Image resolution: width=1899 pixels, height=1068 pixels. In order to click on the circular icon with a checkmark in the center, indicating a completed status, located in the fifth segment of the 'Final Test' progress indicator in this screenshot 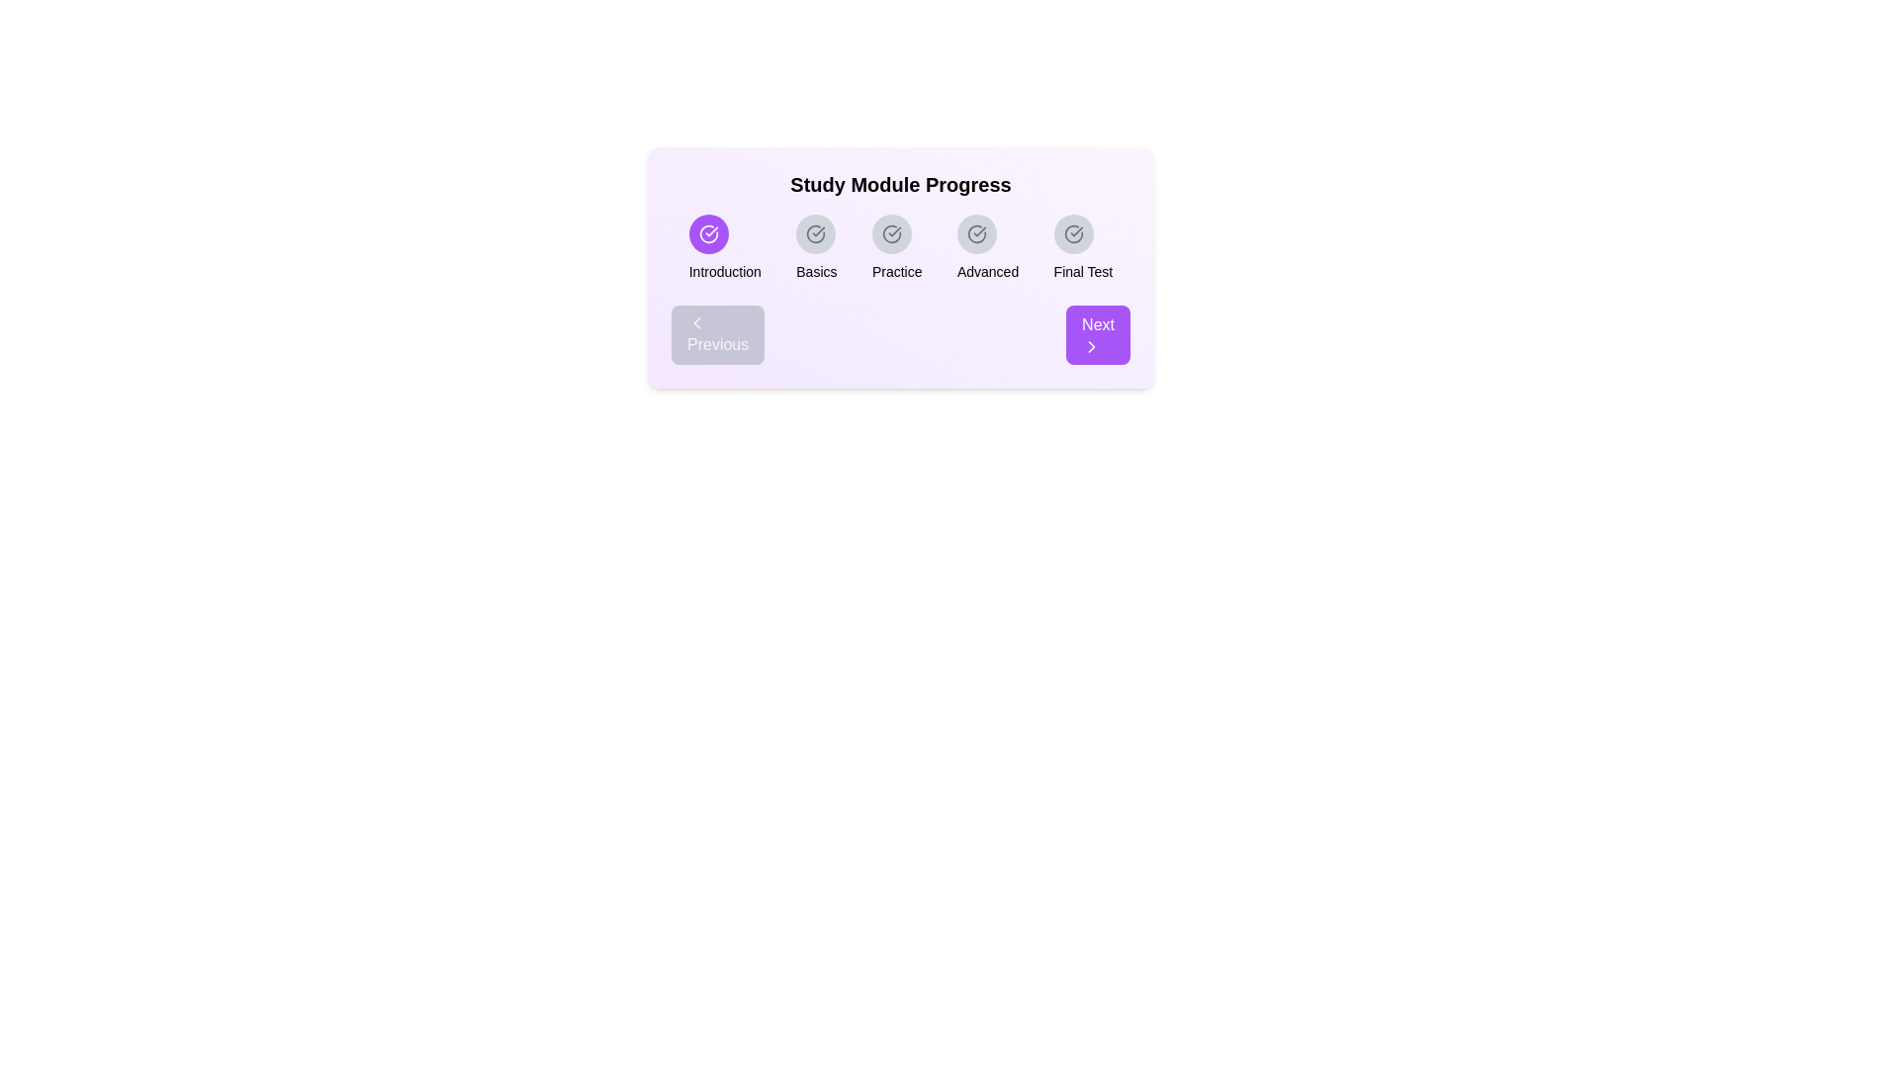, I will do `click(1072, 232)`.